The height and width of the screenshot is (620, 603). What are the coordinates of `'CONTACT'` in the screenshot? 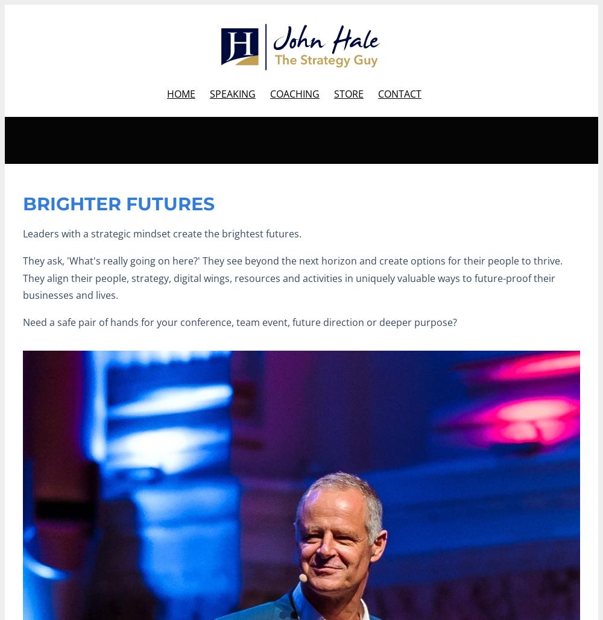 It's located at (378, 93).